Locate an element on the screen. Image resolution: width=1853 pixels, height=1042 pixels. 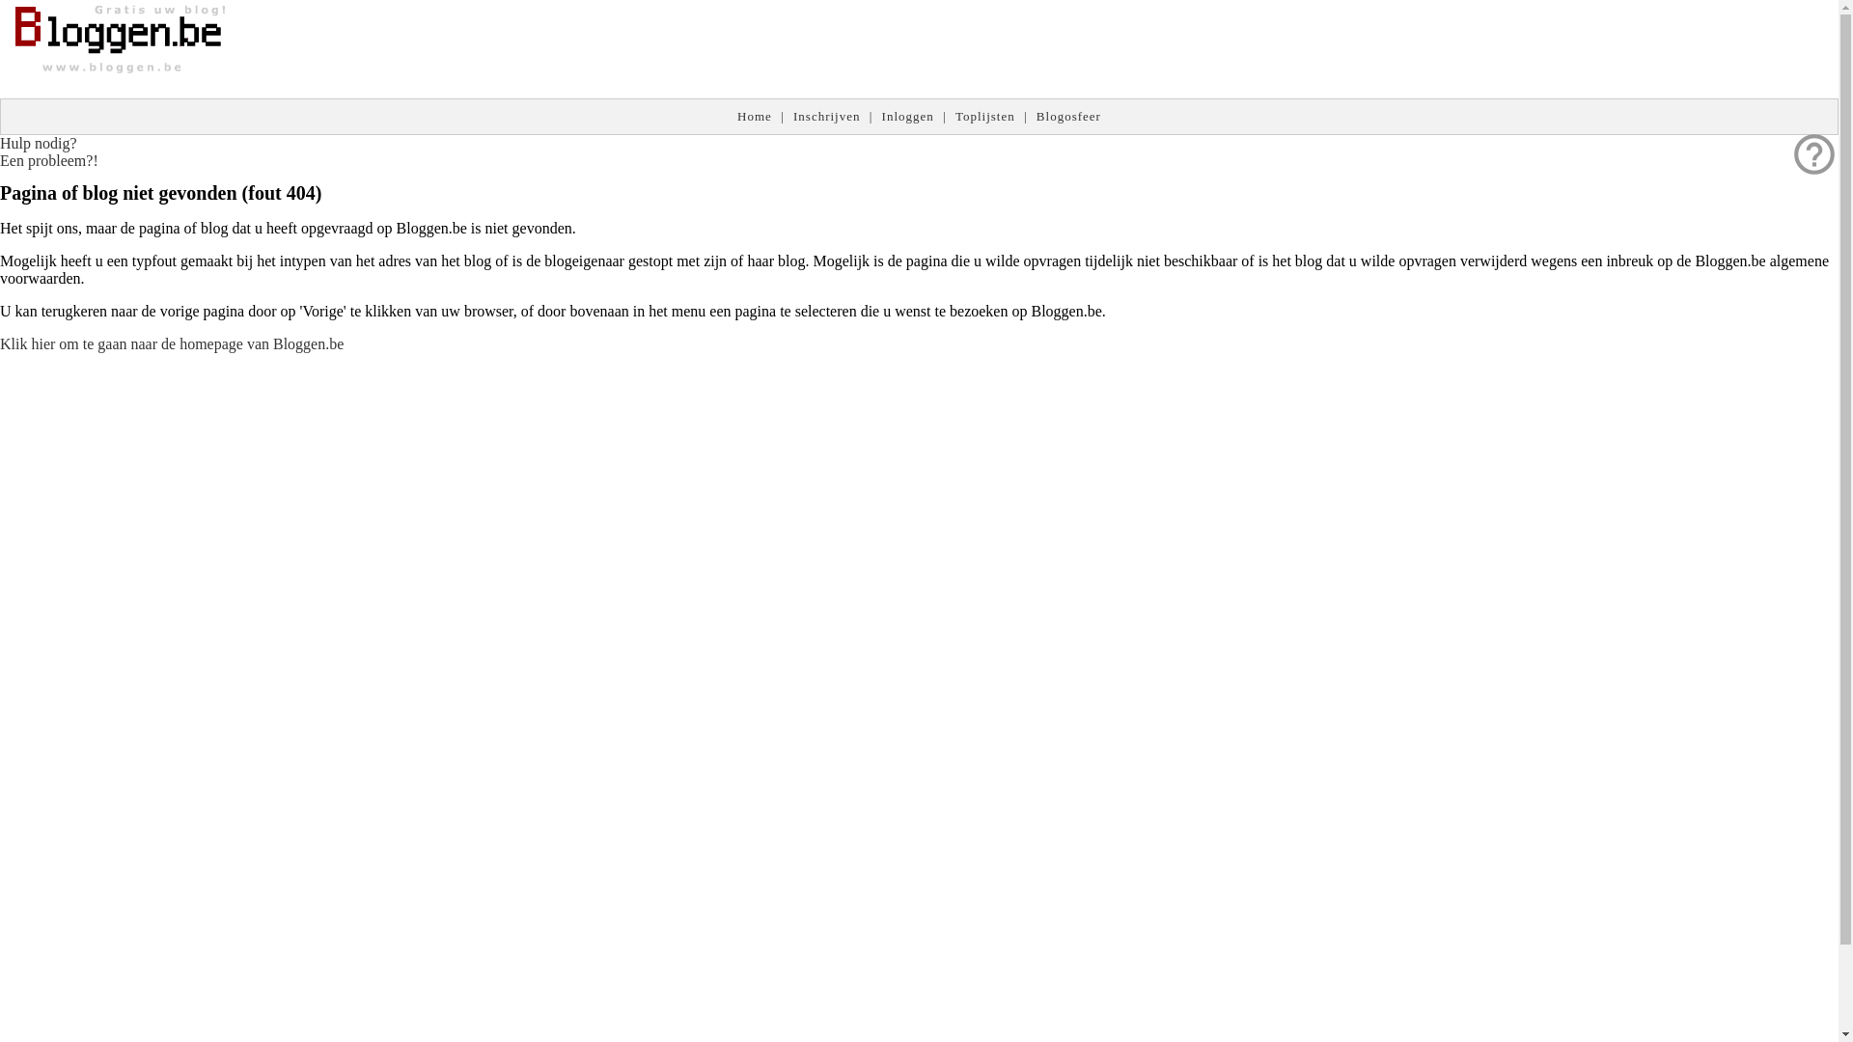
'Klik hier om te gaan naar de homepage van Bloggen.be' is located at coordinates (0, 343).